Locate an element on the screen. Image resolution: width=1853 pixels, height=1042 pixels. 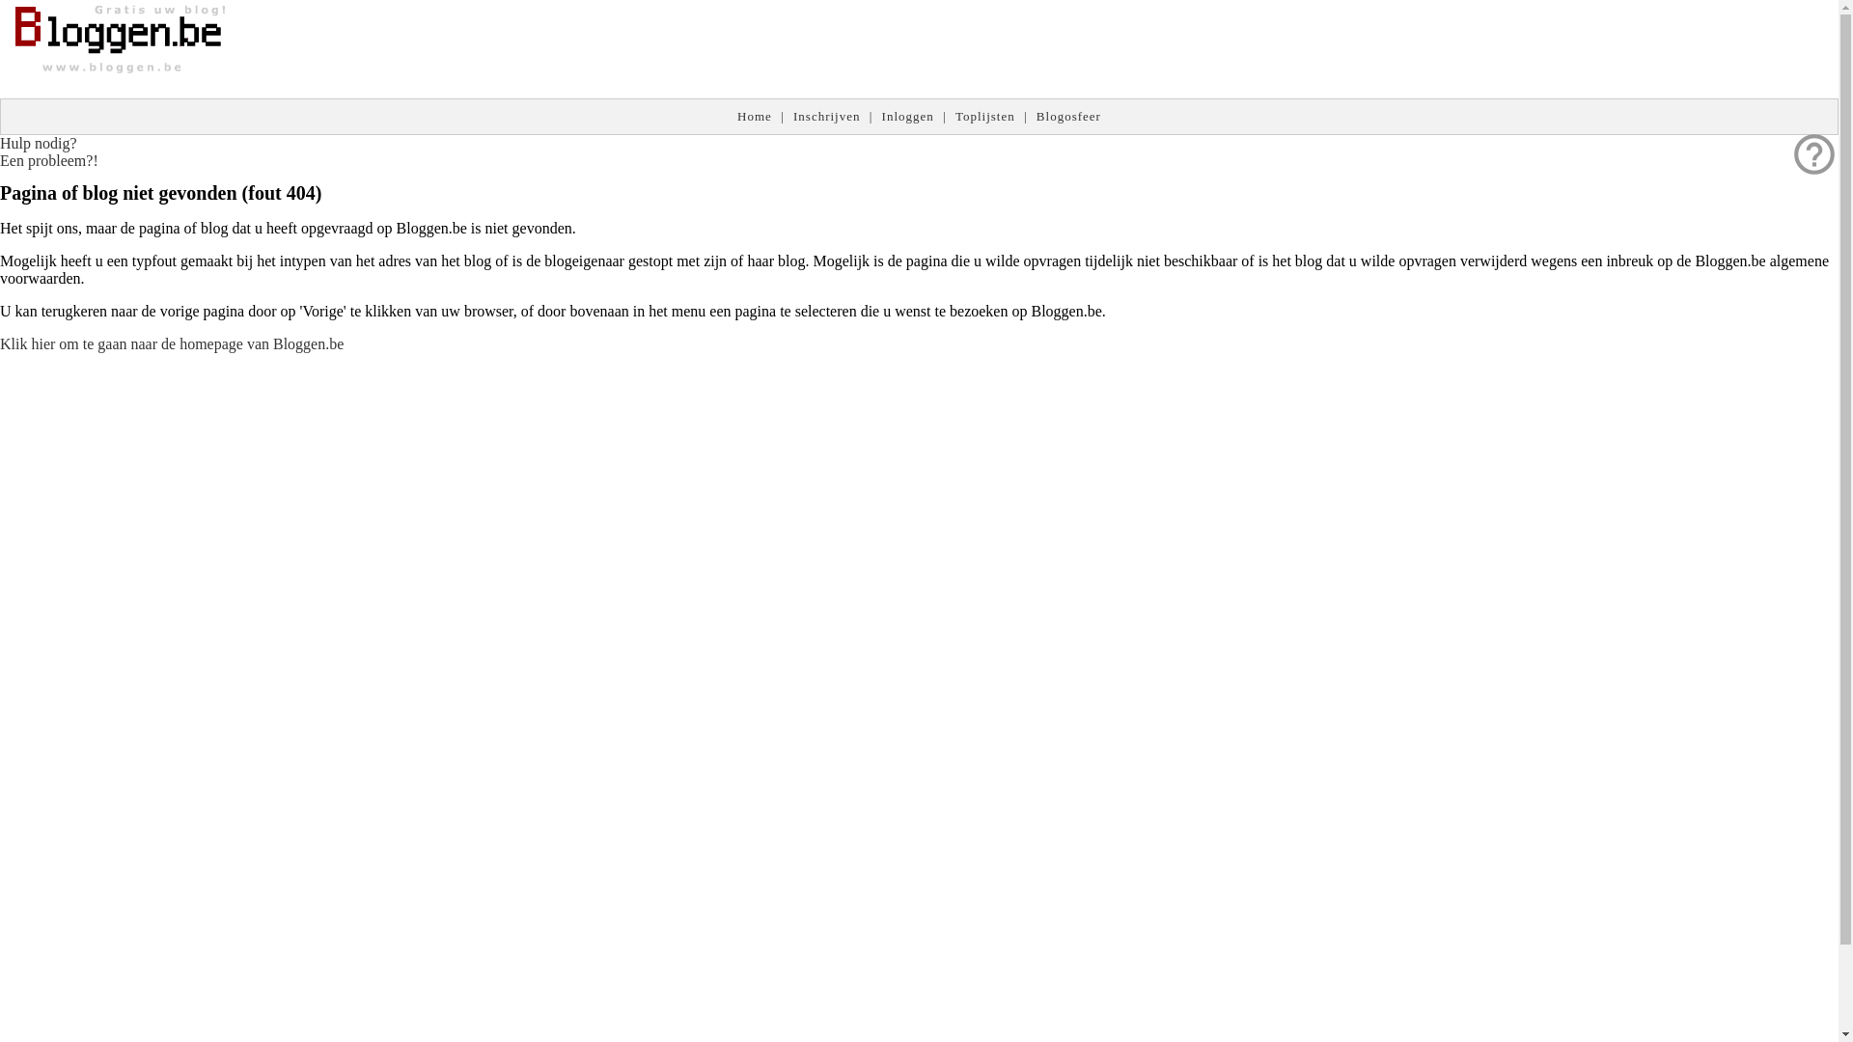
'Klik hier om te gaan naar de homepage van Bloggen.be' is located at coordinates (0, 343).